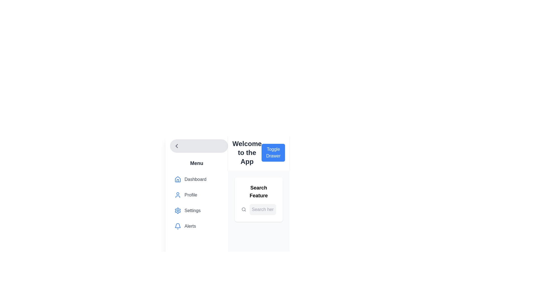 The width and height of the screenshot is (536, 301). What do you see at coordinates (244, 210) in the screenshot?
I see `the search icon located to the left of the 'Search here...' text input field as an intuitive cue for searching` at bounding box center [244, 210].